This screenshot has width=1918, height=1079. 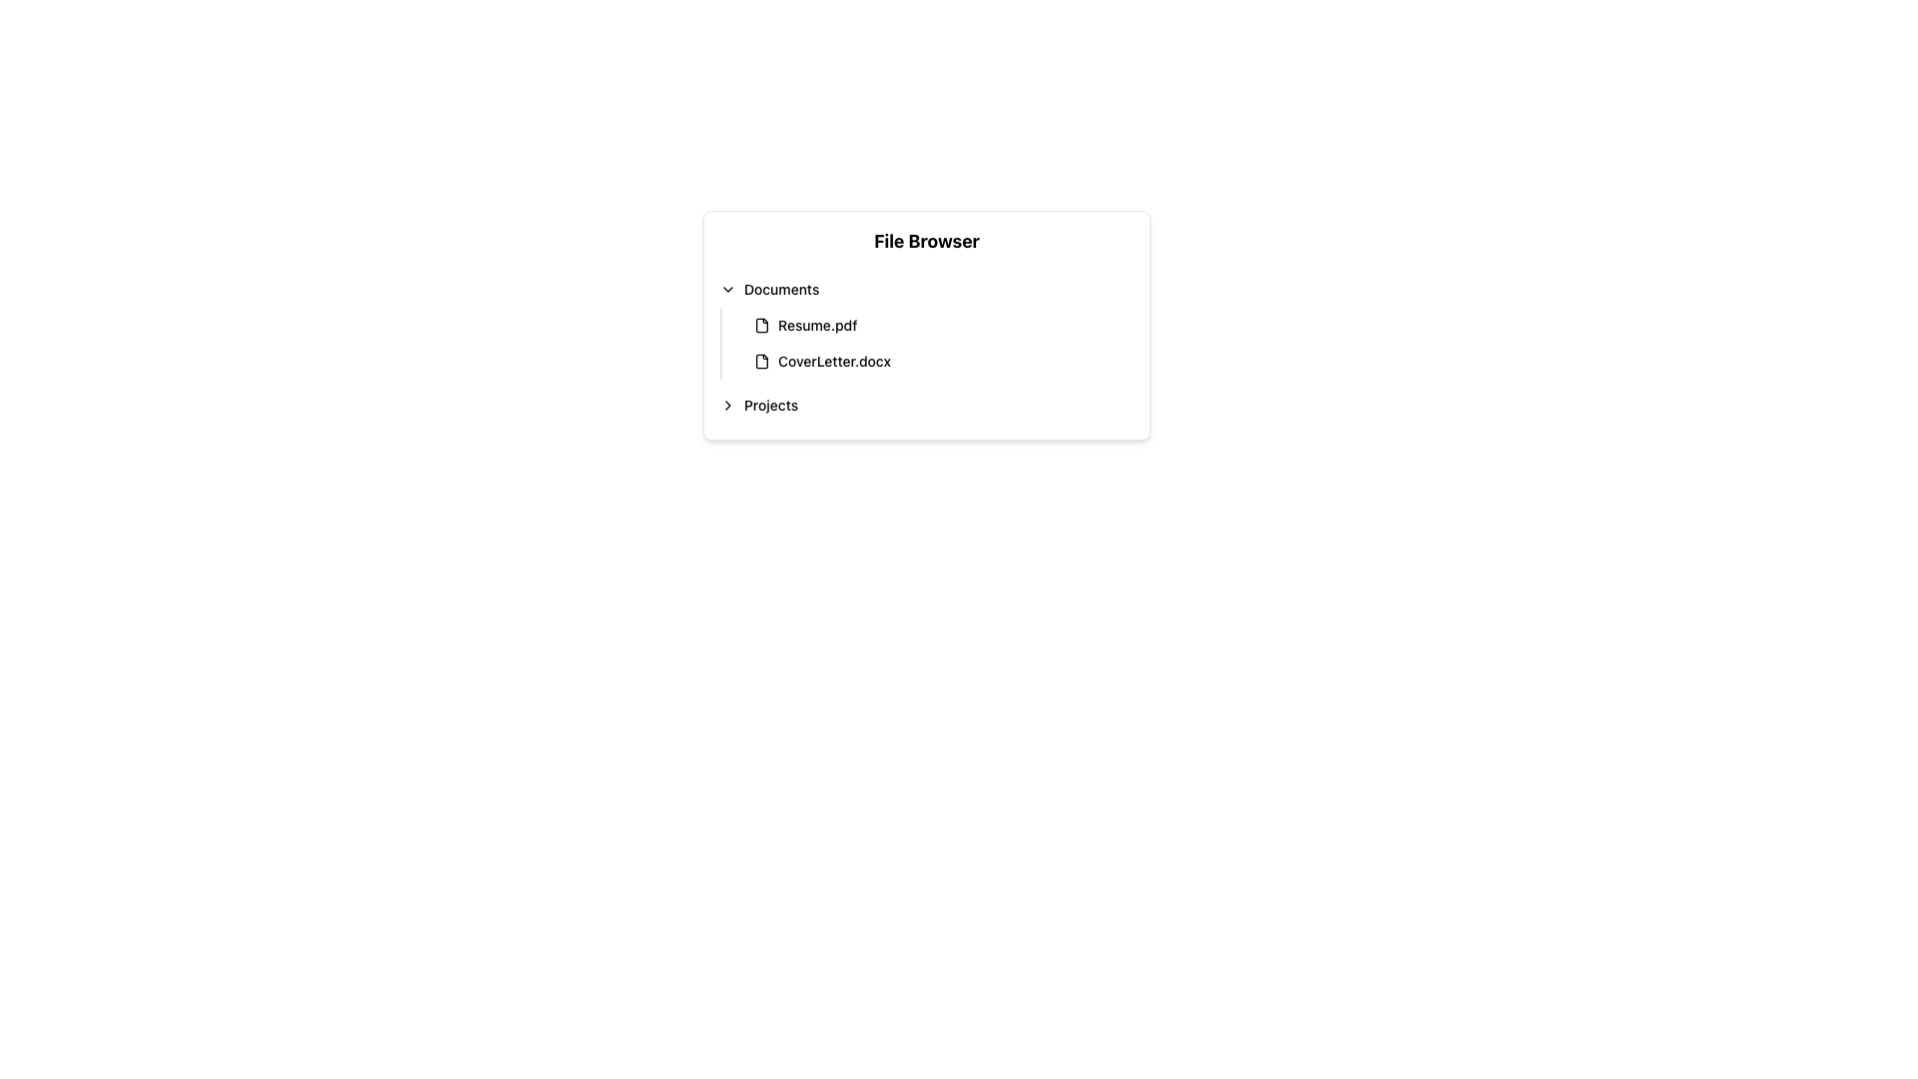 I want to click on the document icon representing 'Resume.pdf' located to the immediate left of the text in the 'Documents' folder of the 'File Browser' interface, so click(x=761, y=325).